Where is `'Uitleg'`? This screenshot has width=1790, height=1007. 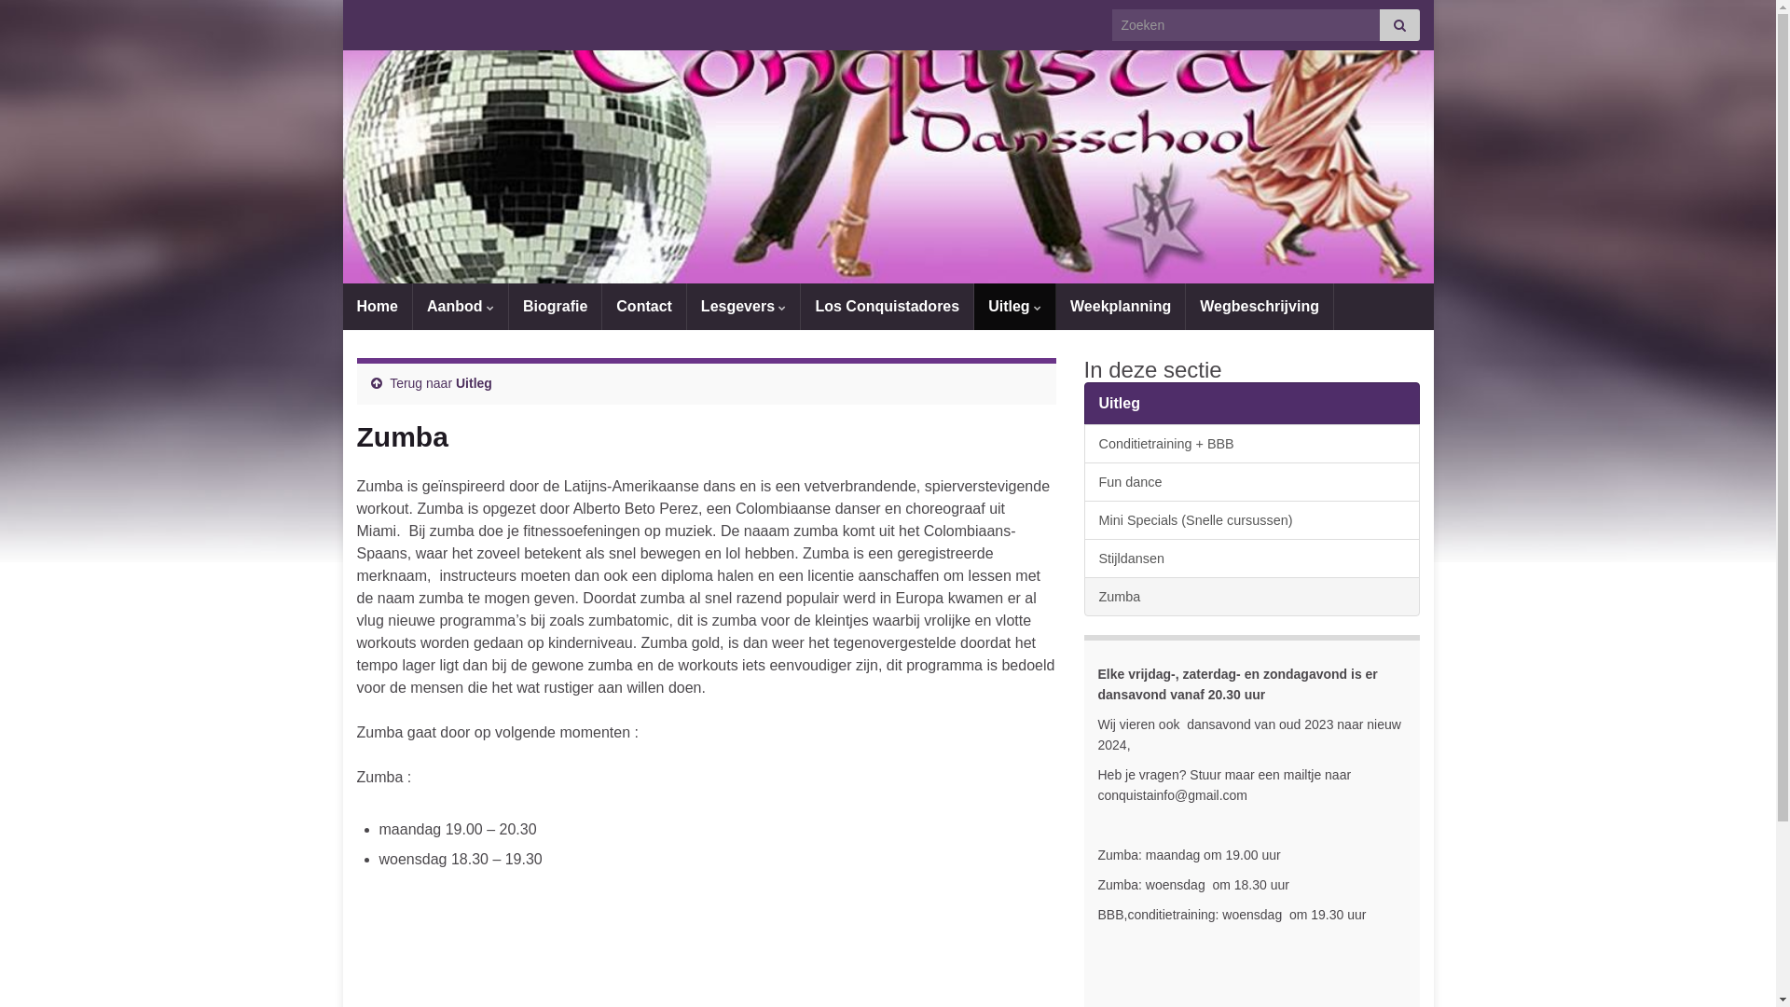
'Uitleg' is located at coordinates (1013, 305).